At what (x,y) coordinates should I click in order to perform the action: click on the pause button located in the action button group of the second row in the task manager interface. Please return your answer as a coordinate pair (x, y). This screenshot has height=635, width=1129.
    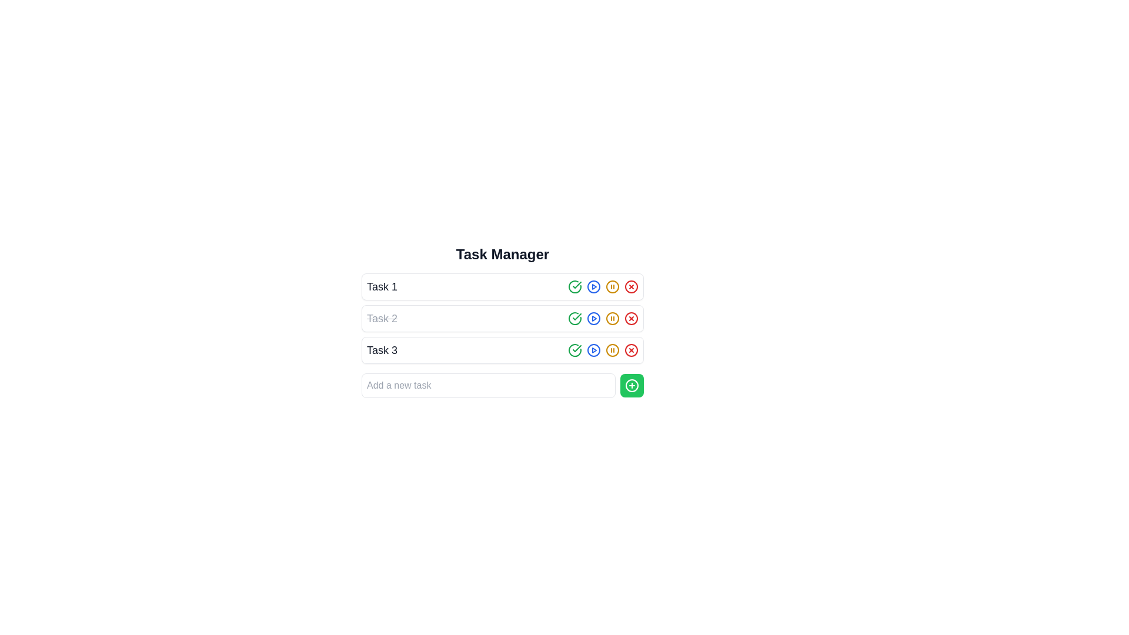
    Looking at the image, I should click on (612, 319).